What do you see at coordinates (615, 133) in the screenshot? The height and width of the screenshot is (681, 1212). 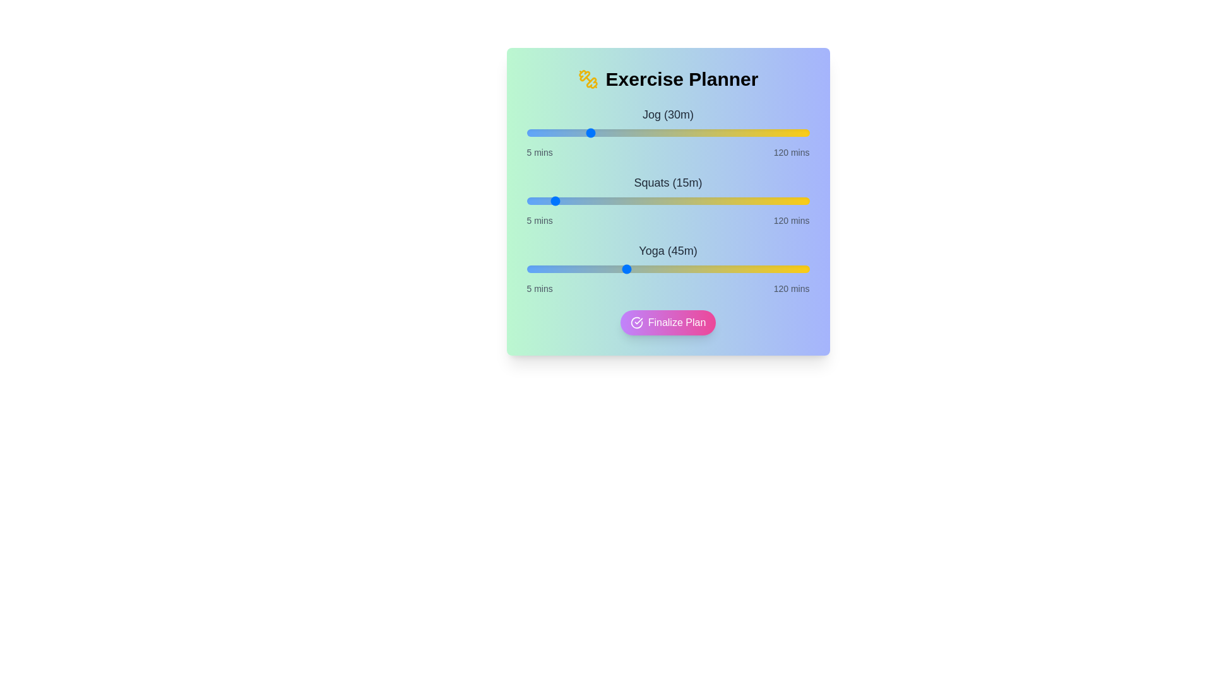 I see `the duration of the 0 slider to 41 minutes` at bounding box center [615, 133].